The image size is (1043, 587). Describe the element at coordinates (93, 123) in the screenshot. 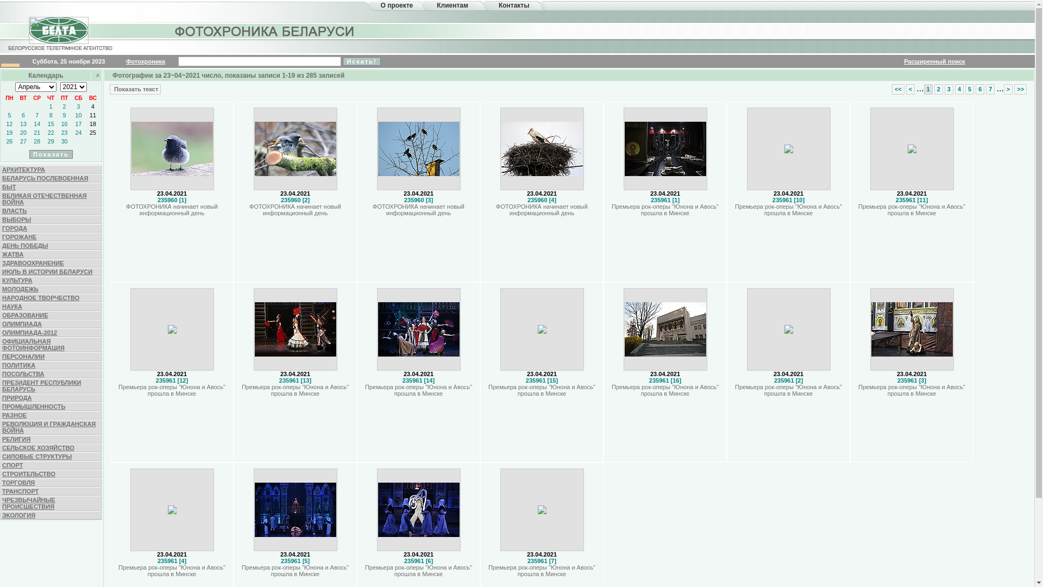

I see `'18'` at that location.